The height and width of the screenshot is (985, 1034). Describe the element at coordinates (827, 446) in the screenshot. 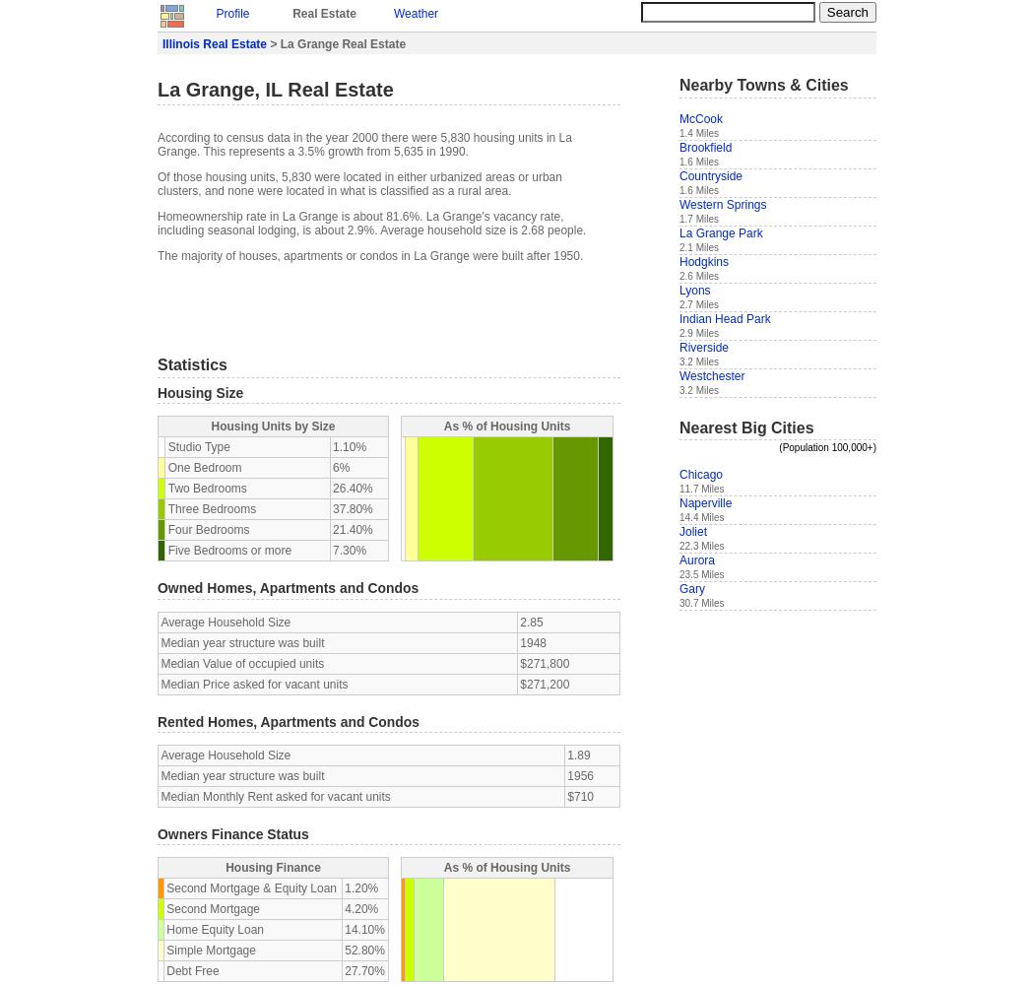

I see `'(Population 100,000+)'` at that location.